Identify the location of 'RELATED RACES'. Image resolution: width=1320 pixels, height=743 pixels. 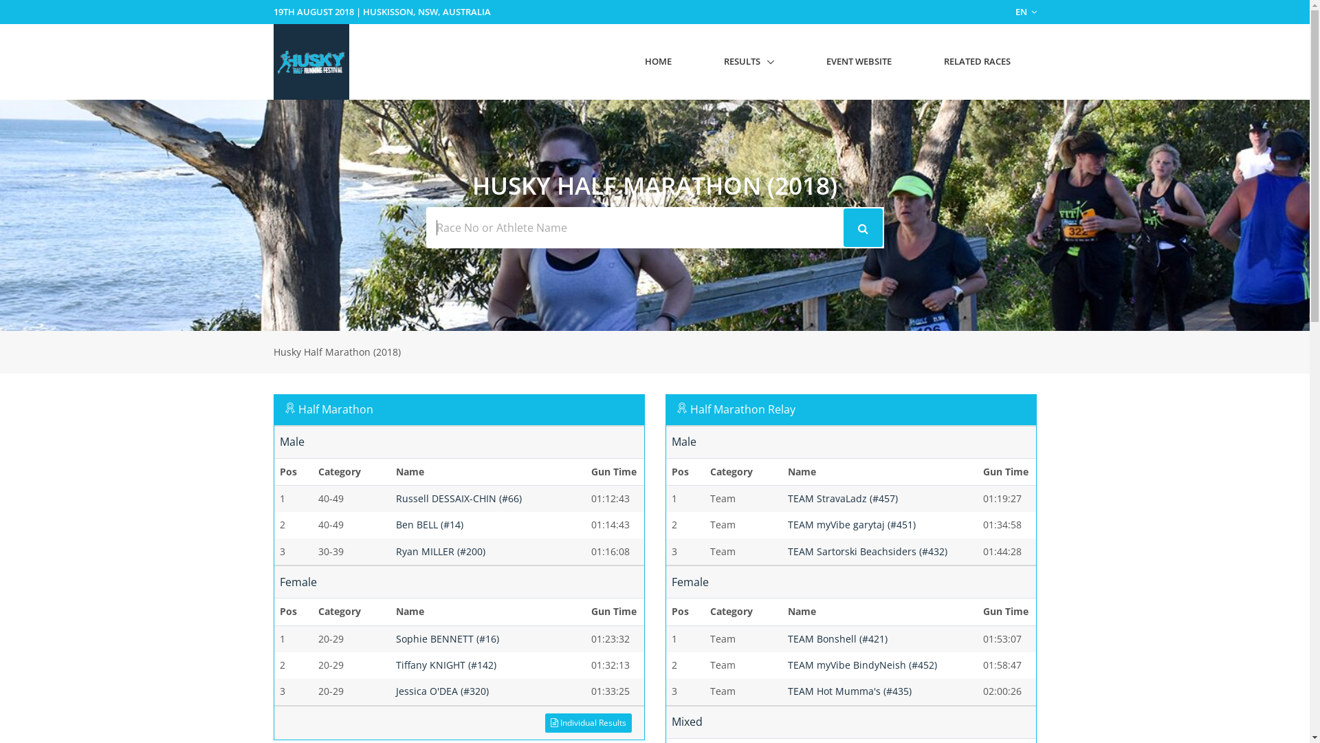
(976, 61).